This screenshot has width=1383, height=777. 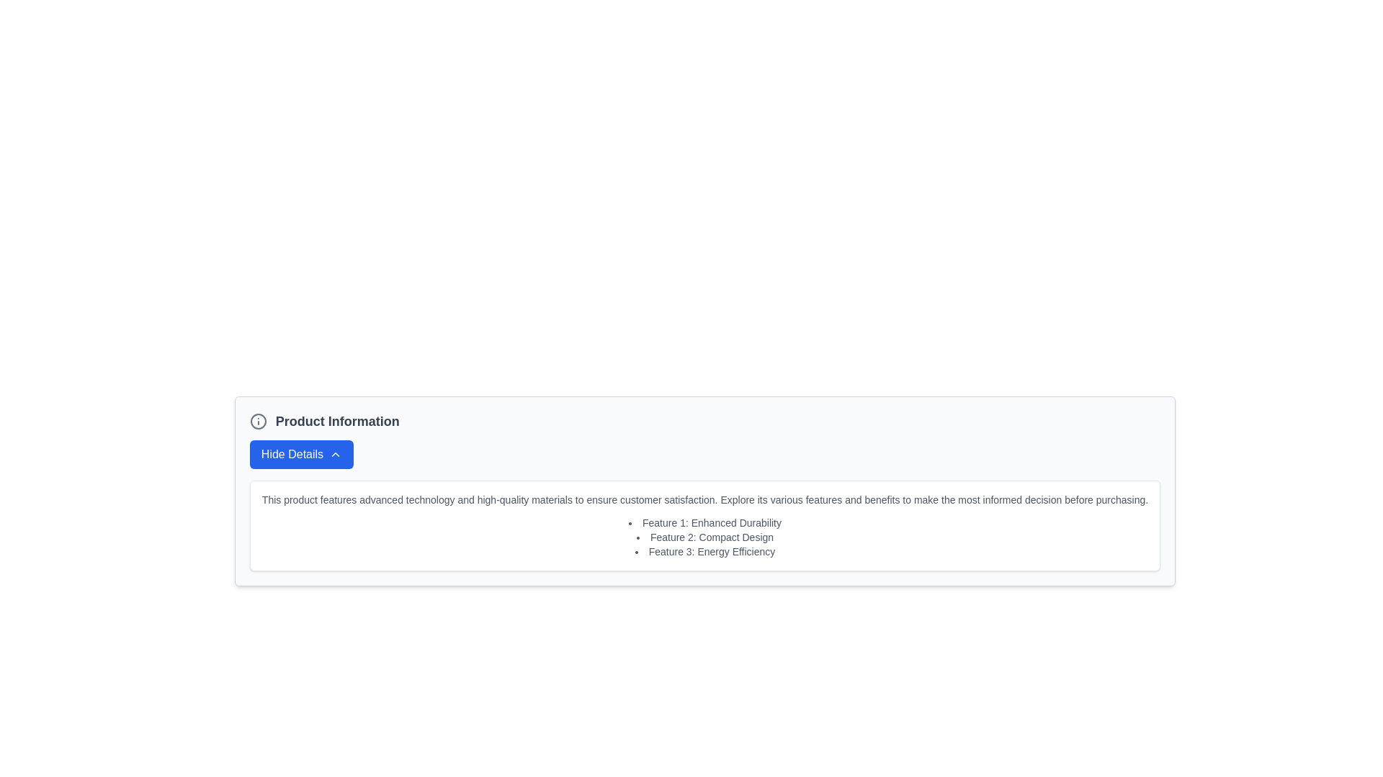 I want to click on the 'Energy Efficiency' text element, which is the third item in the bulleted list under 'Product Information', located below 'Feature 2: Compact Design', so click(x=705, y=551).